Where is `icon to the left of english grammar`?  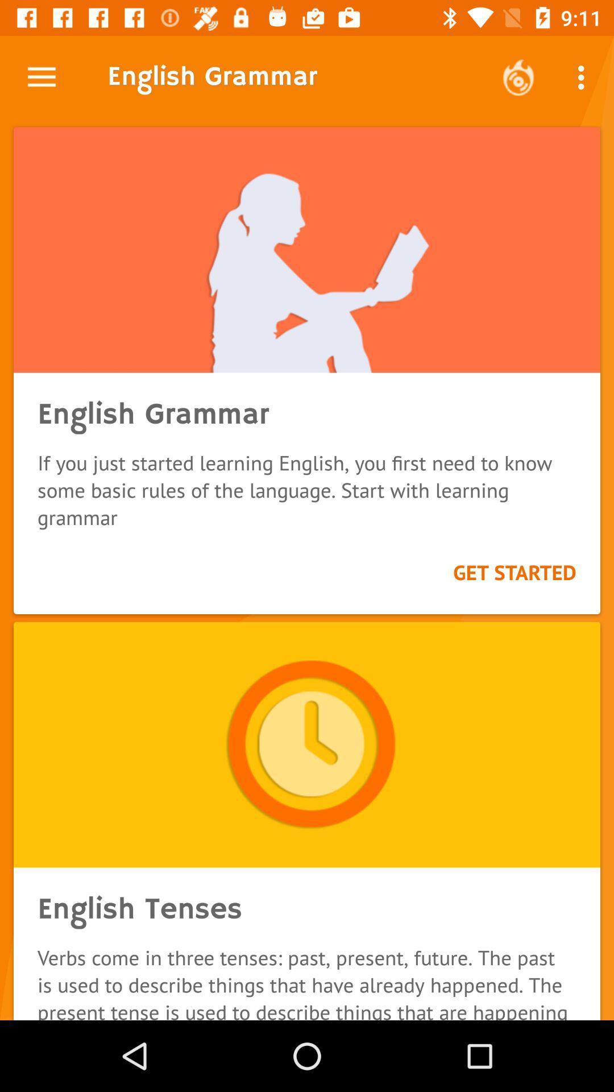
icon to the left of english grammar is located at coordinates (41, 77).